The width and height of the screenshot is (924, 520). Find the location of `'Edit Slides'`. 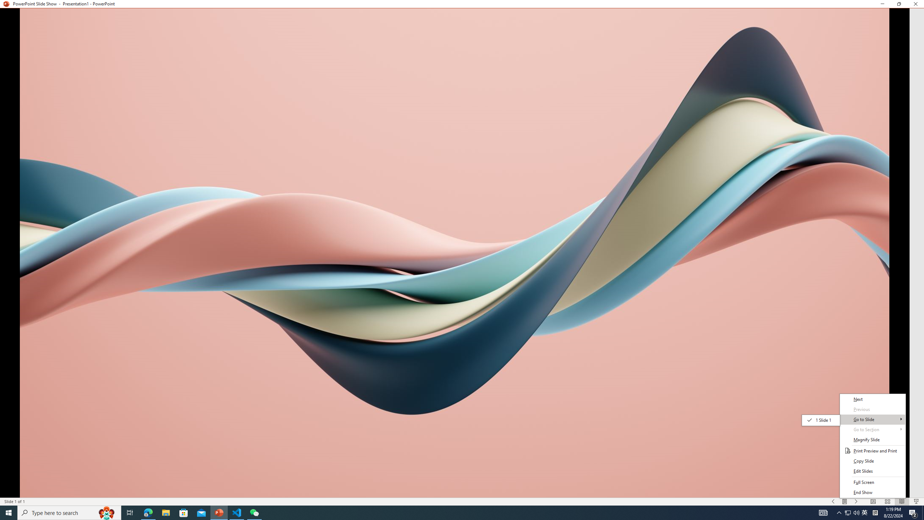

'Edit Slides' is located at coordinates (872, 471).